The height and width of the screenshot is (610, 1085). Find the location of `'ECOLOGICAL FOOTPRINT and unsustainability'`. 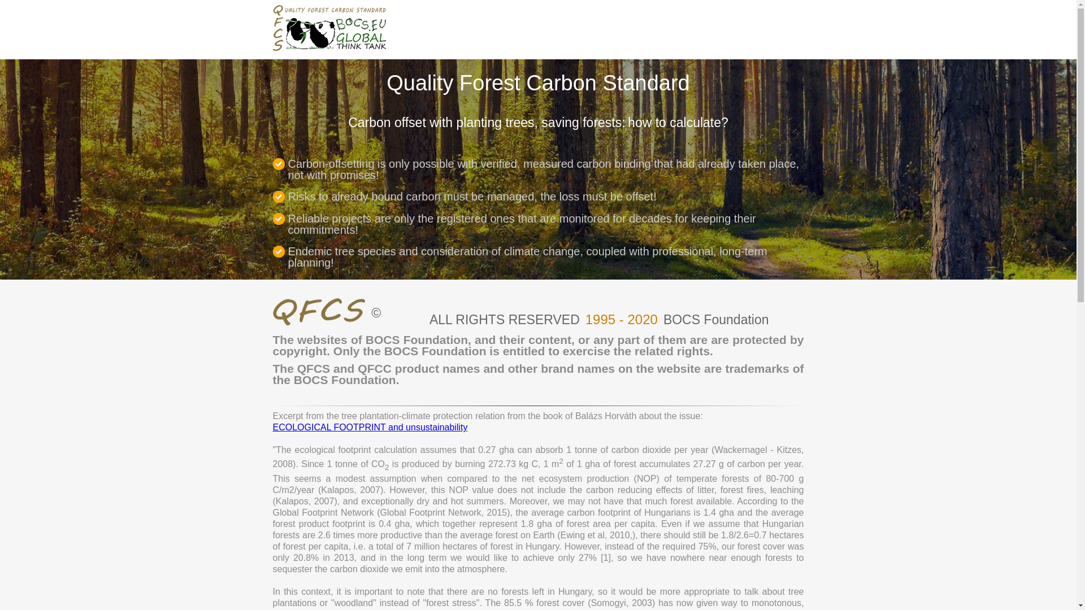

'ECOLOGICAL FOOTPRINT and unsustainability' is located at coordinates (370, 427).